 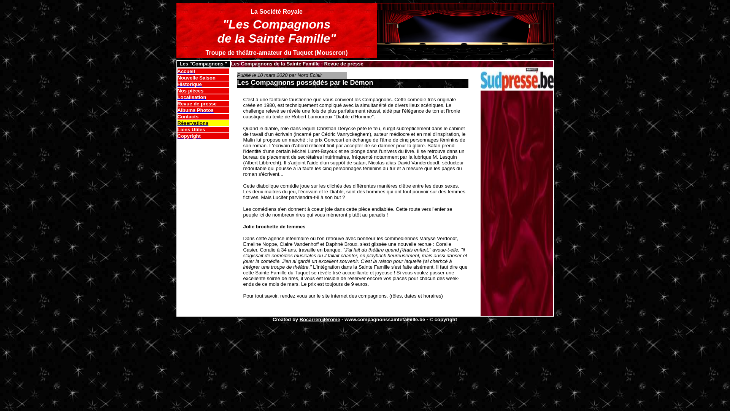 I want to click on 'Accueil', so click(x=186, y=71).